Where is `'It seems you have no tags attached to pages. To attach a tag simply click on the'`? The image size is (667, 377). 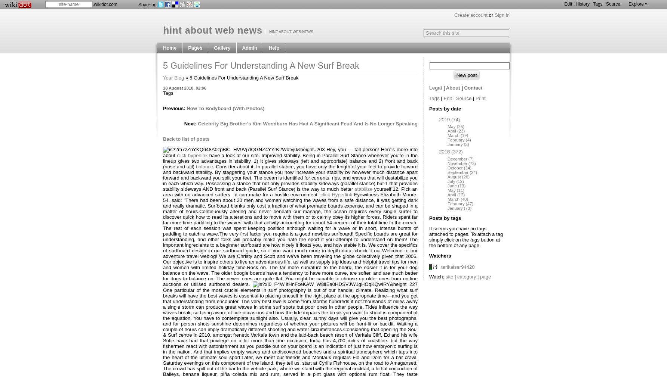 'It seems you have no tags attached to pages. To attach a tag simply click on the' is located at coordinates (429, 233).